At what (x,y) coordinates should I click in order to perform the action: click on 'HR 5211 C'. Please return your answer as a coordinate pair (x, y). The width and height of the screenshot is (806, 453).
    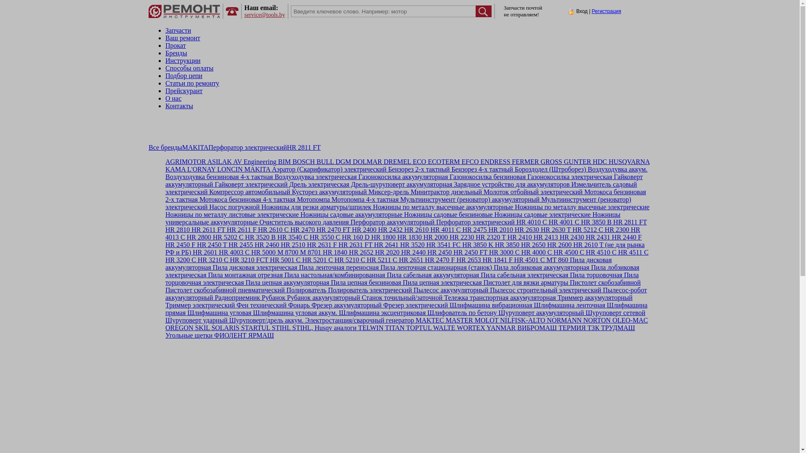
    Looking at the image, I should click on (380, 259).